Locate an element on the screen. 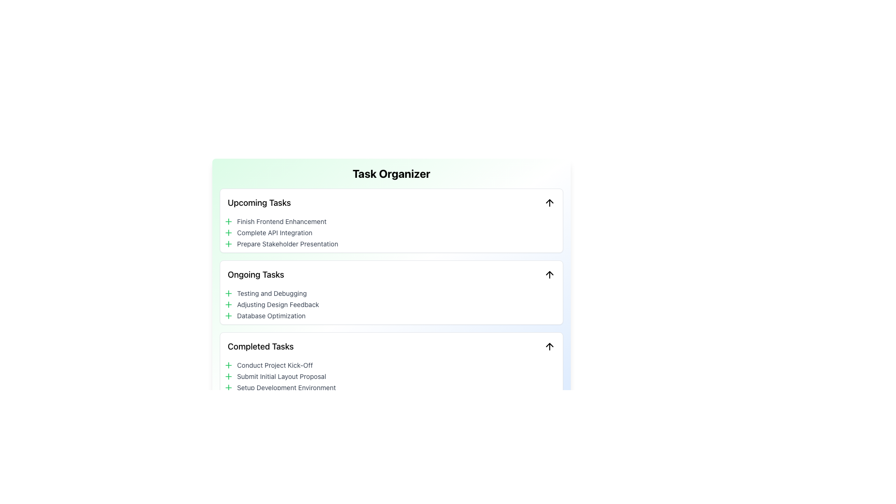 This screenshot has width=896, height=504. the Icon Button (Plus Icon) located to the left of the 'Database Optimization' text in the 'Ongoing Tasks' section is located at coordinates (228, 315).